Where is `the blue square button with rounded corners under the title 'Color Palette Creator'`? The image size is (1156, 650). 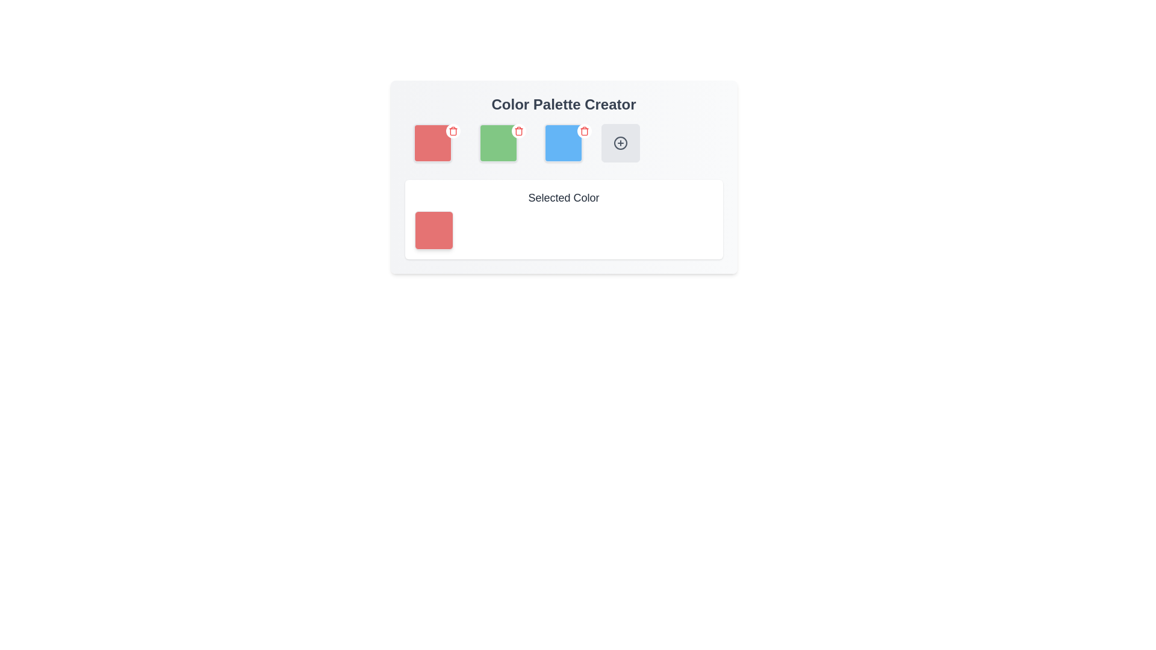 the blue square button with rounded corners under the title 'Color Palette Creator' is located at coordinates (563, 144).